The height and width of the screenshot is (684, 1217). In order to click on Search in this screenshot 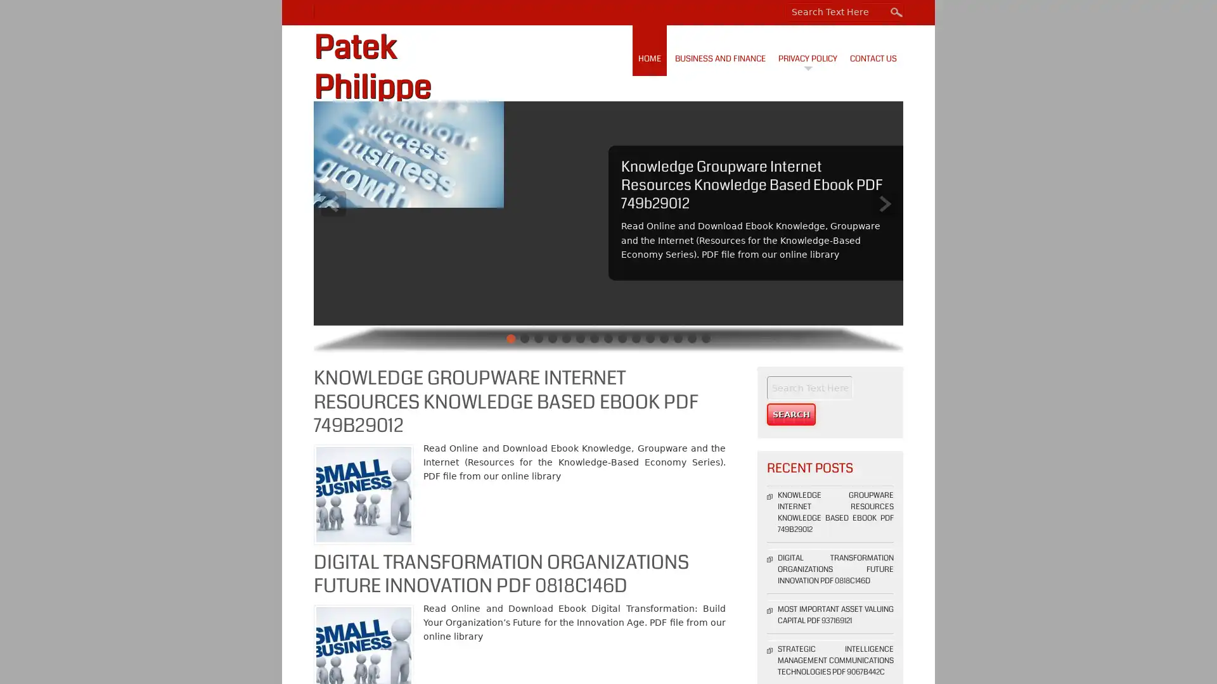, I will do `click(790, 414)`.